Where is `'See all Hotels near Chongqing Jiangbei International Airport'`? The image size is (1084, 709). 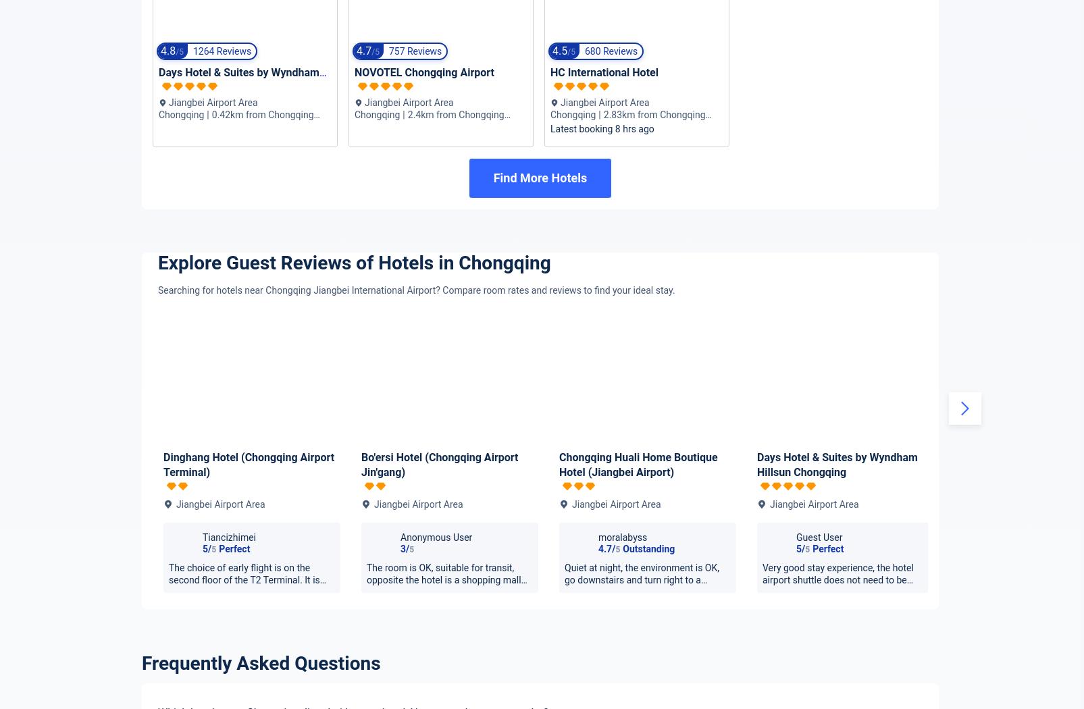
'See all Hotels near Chongqing Jiangbei International Airport' is located at coordinates (638, 695).